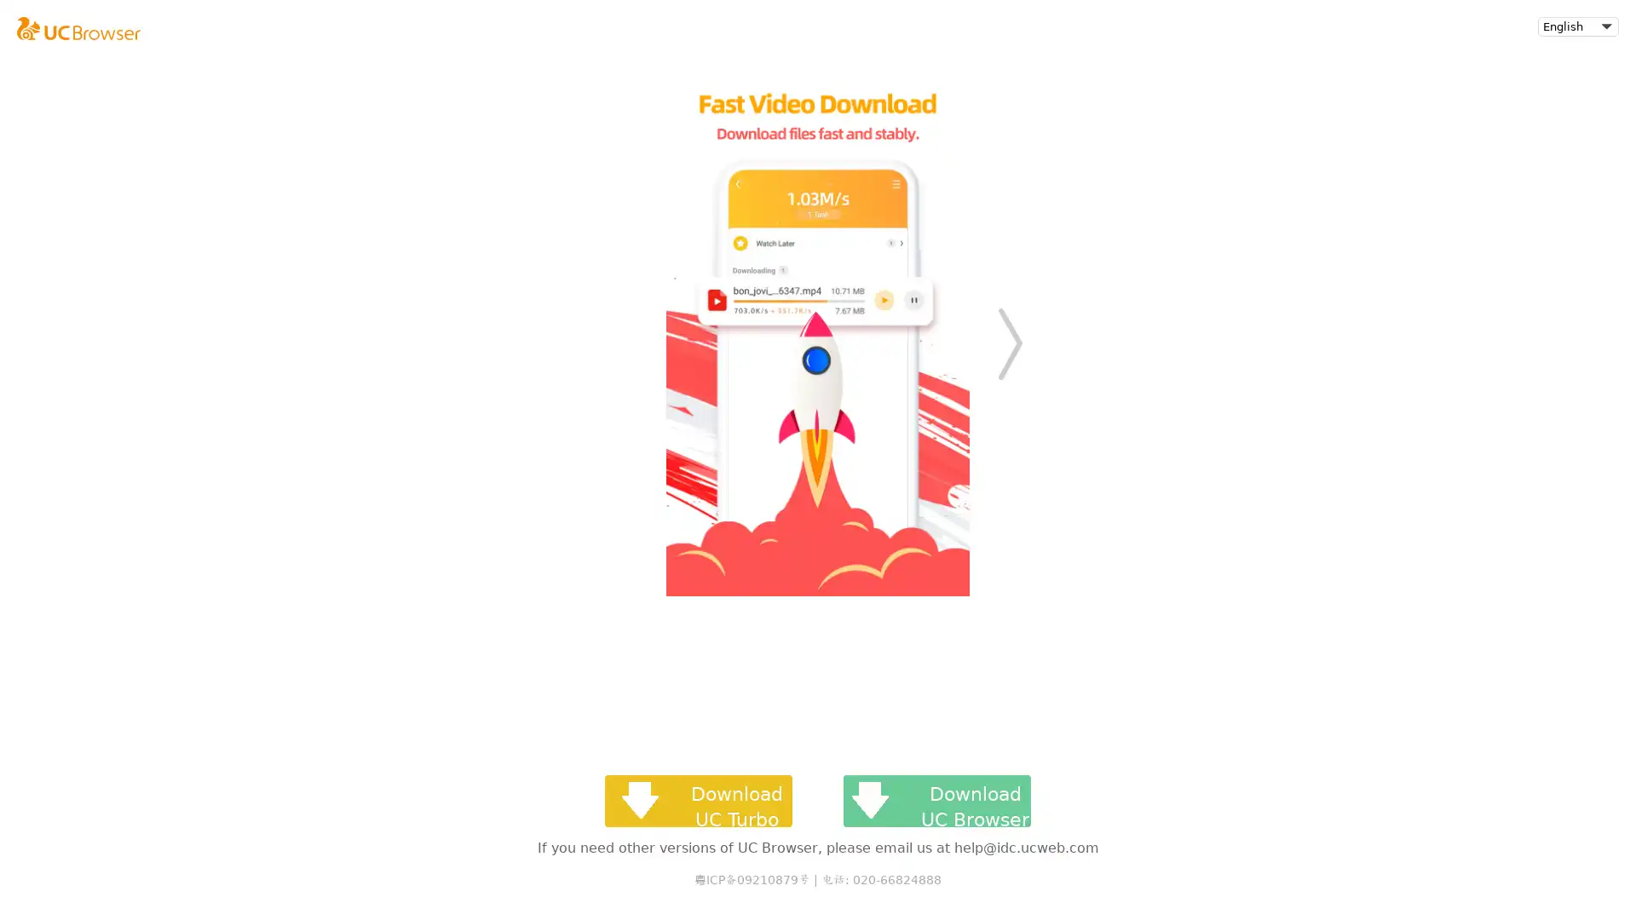 The image size is (1636, 920). I want to click on Next slide, so click(1010, 344).